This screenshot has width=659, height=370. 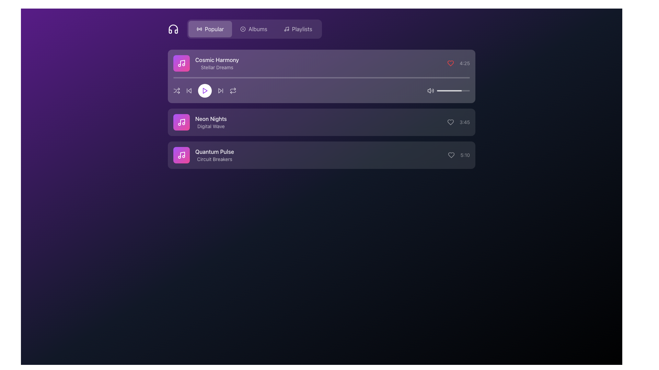 What do you see at coordinates (217, 63) in the screenshot?
I see `text from the text label that displays 'Cosmic Harmony' and 'Stellar Dreams', which is positioned above 'Neon Nights' and 'Quantum Pulse', located on the right side of a purple musical note icon` at bounding box center [217, 63].